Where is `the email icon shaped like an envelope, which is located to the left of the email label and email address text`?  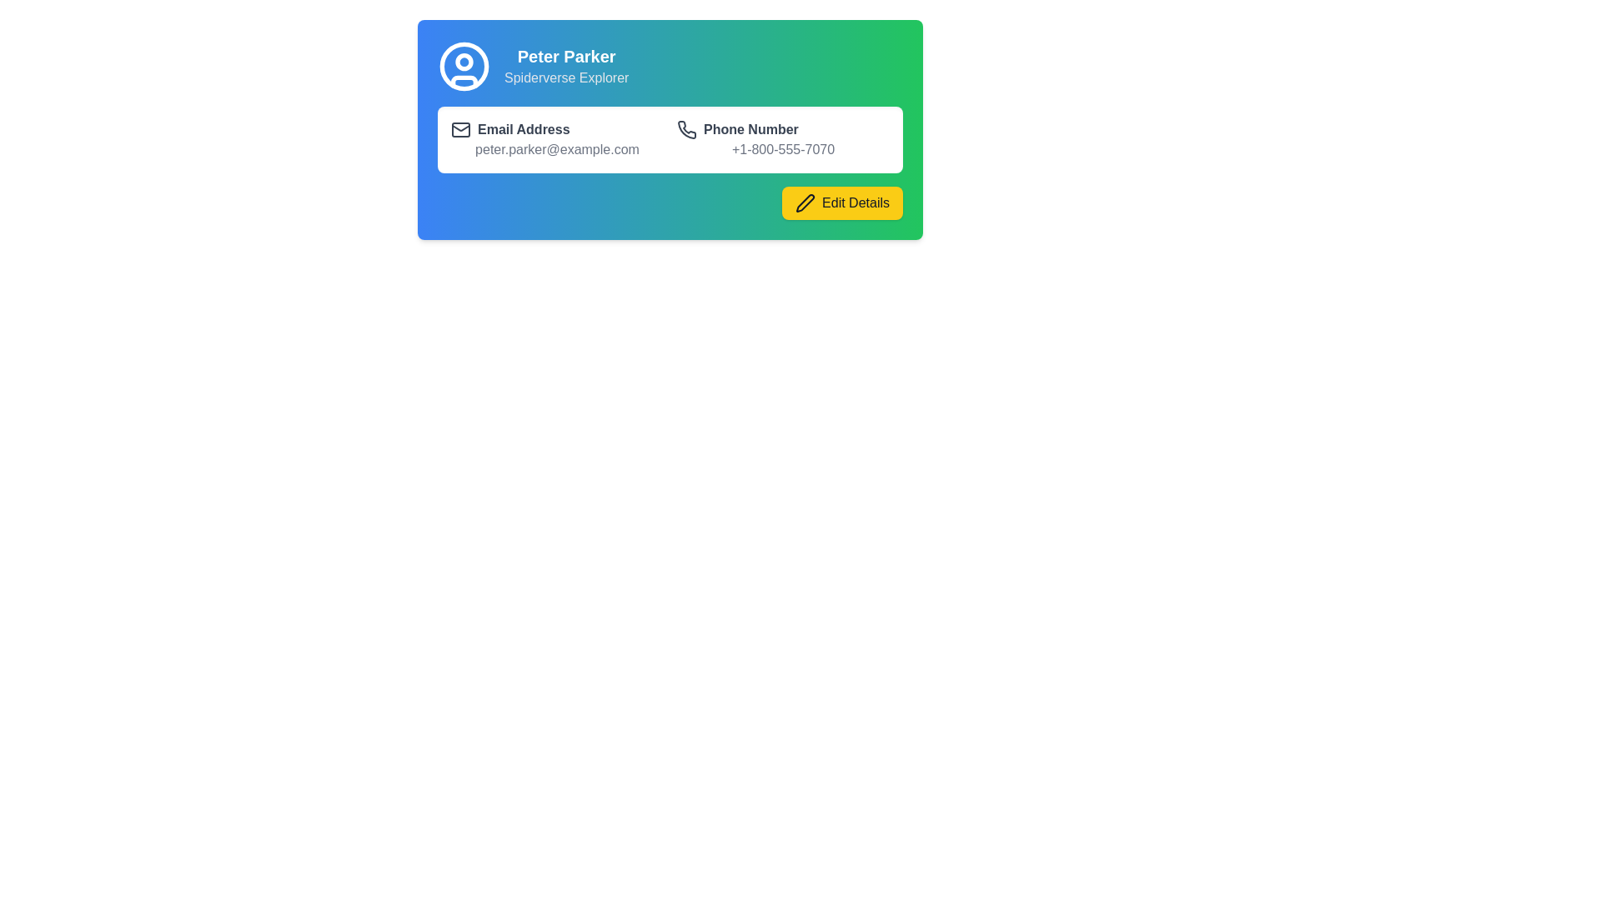 the email icon shaped like an envelope, which is located to the left of the email label and email address text is located at coordinates (460, 128).